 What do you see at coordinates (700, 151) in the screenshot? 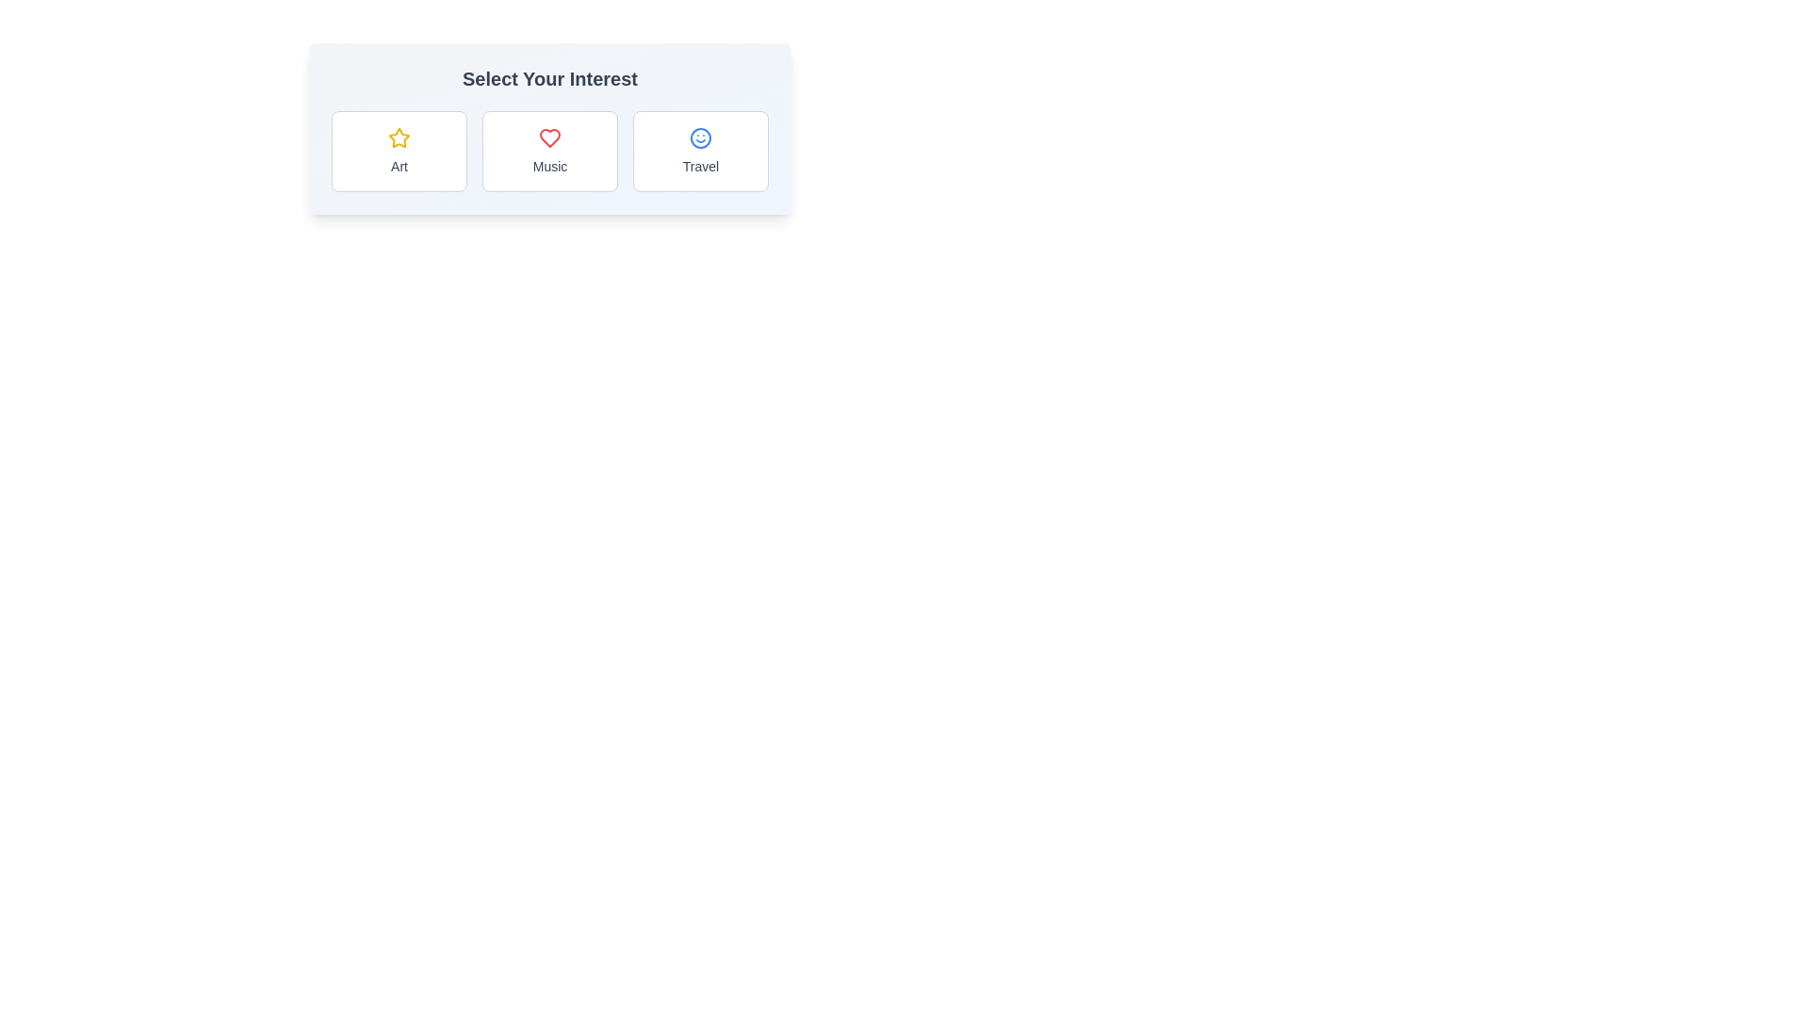
I see `the 'Travel' button-like card, which features a white background, rounded corners, a light gray border, a blue smiling face icon, and the word 'Travel' in a gray sans-serif font` at bounding box center [700, 151].